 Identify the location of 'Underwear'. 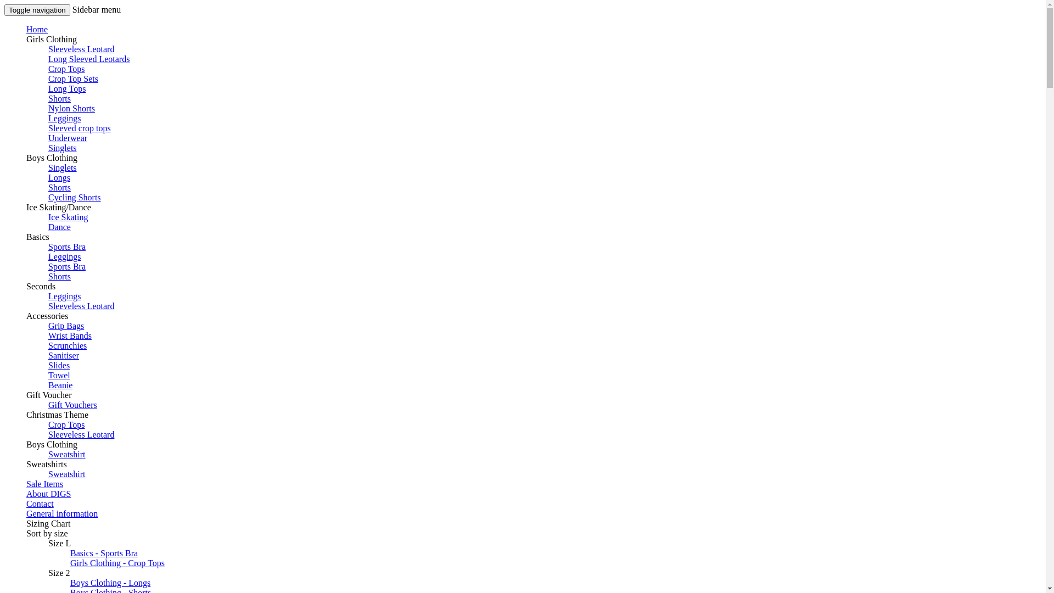
(67, 137).